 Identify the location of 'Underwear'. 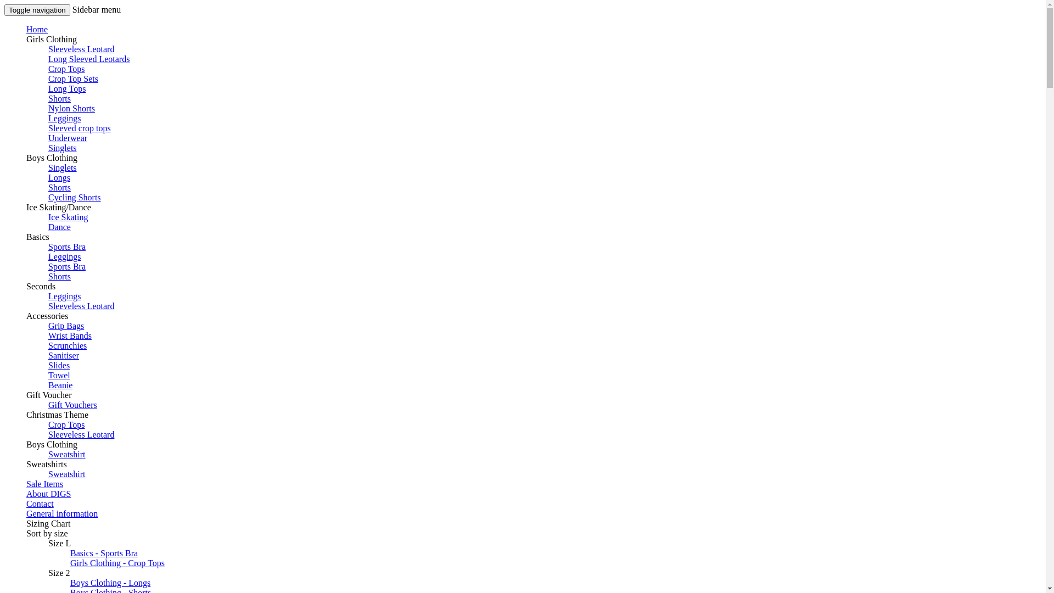
(67, 137).